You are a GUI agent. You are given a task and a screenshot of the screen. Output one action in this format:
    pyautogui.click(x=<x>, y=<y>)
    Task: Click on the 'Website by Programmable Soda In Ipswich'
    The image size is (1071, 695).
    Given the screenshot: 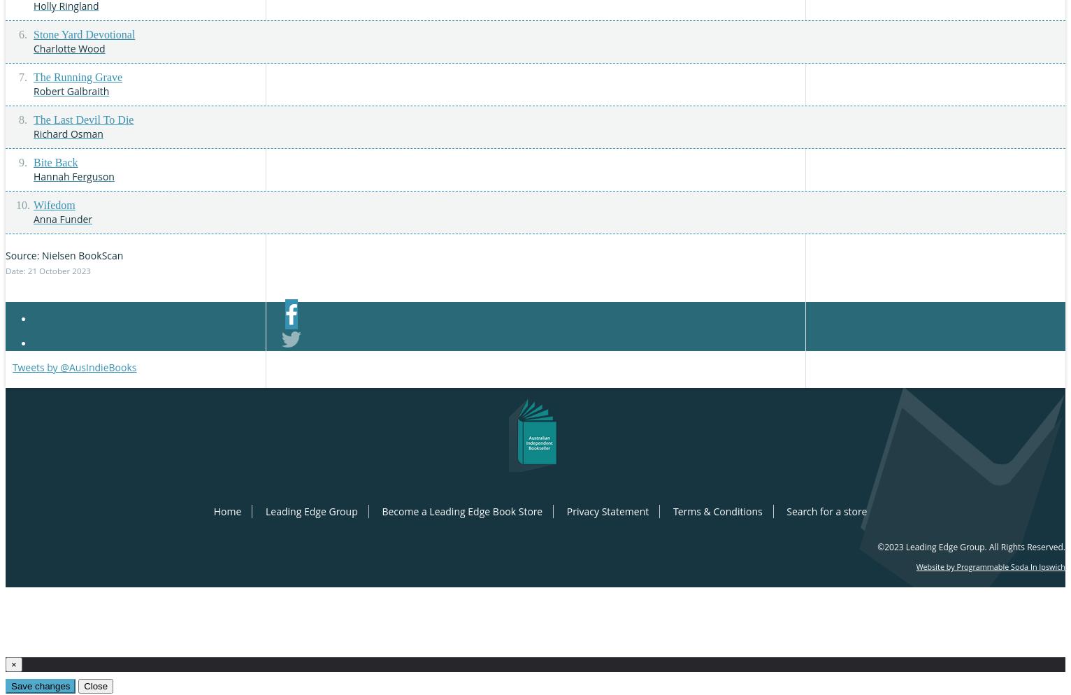 What is the action you would take?
    pyautogui.click(x=990, y=566)
    